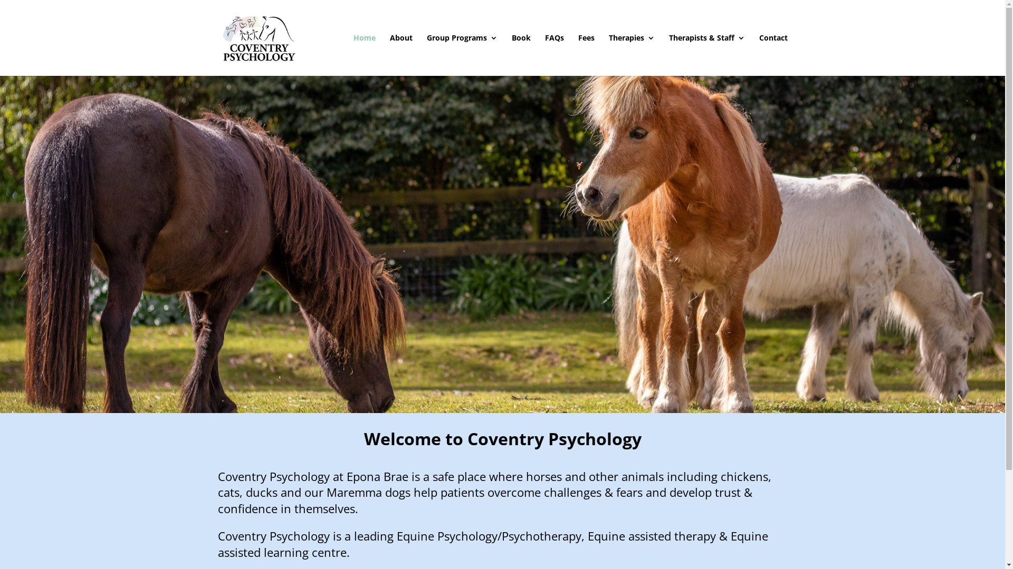  Describe the element at coordinates (461, 55) in the screenshot. I see `'Group Programs'` at that location.